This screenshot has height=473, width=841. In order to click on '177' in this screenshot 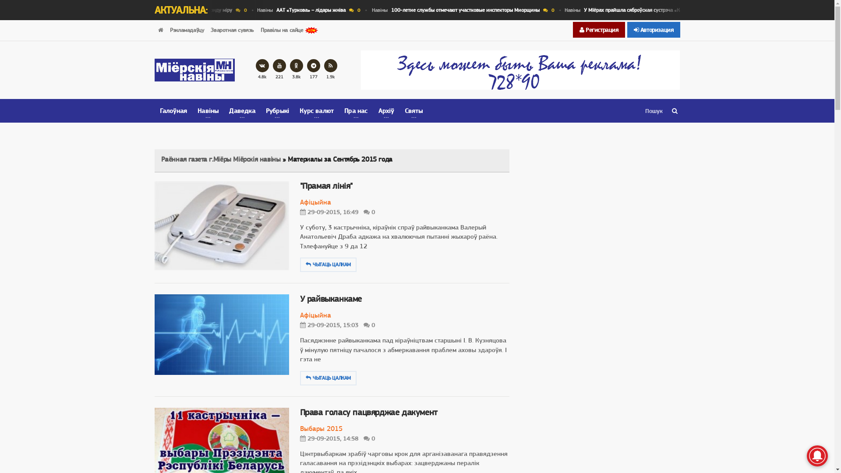, I will do `click(313, 69)`.